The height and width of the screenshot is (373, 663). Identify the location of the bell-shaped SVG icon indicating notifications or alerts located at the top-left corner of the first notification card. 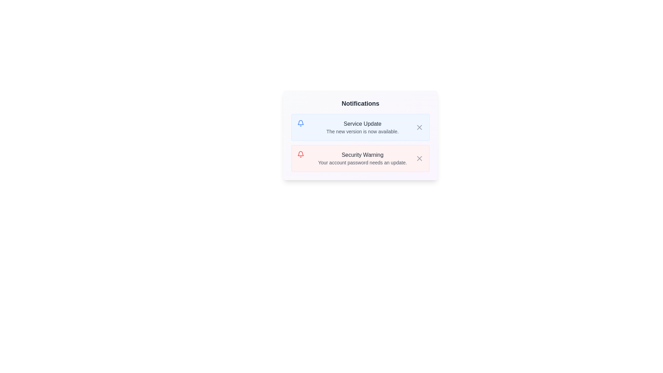
(300, 122).